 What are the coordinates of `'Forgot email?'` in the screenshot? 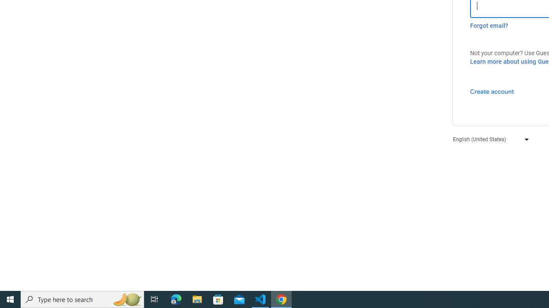 It's located at (489, 25).